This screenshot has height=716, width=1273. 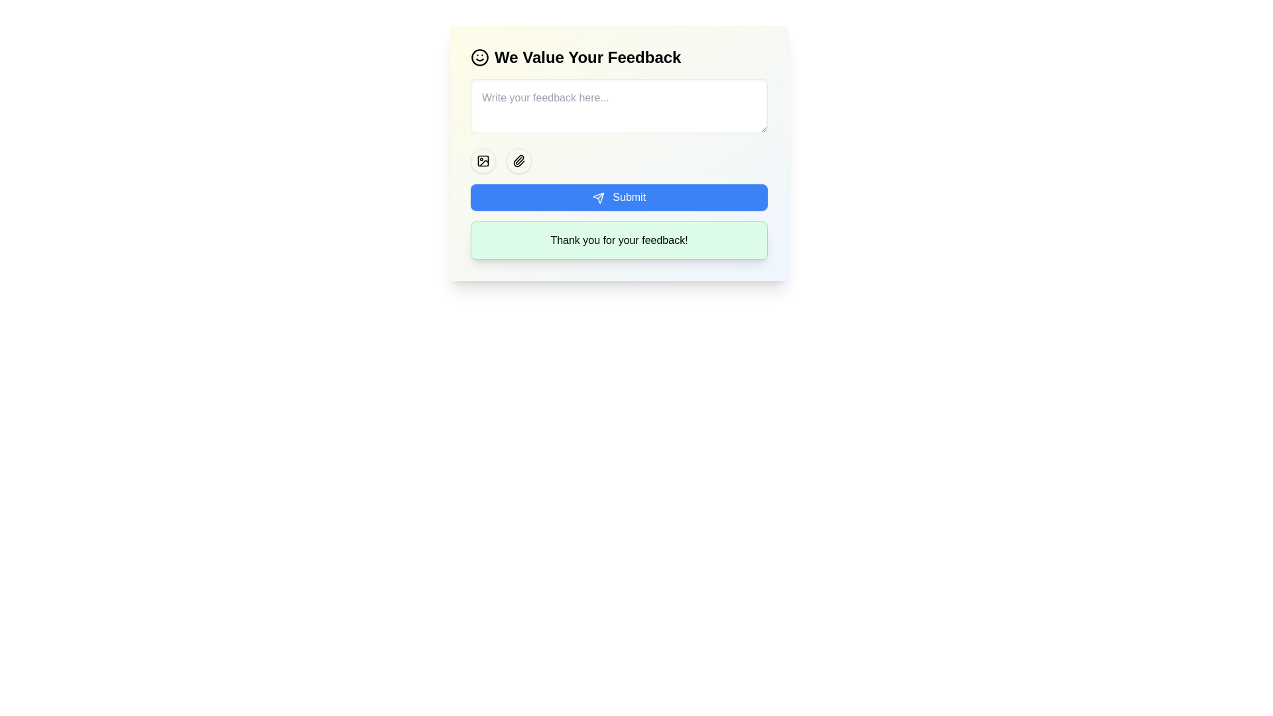 I want to click on the decorative circle that forms the primary outline of the smiley face icon located at the top-left corner of the feedback form interface, next to the text 'We Value Your Feedback', so click(x=479, y=57).